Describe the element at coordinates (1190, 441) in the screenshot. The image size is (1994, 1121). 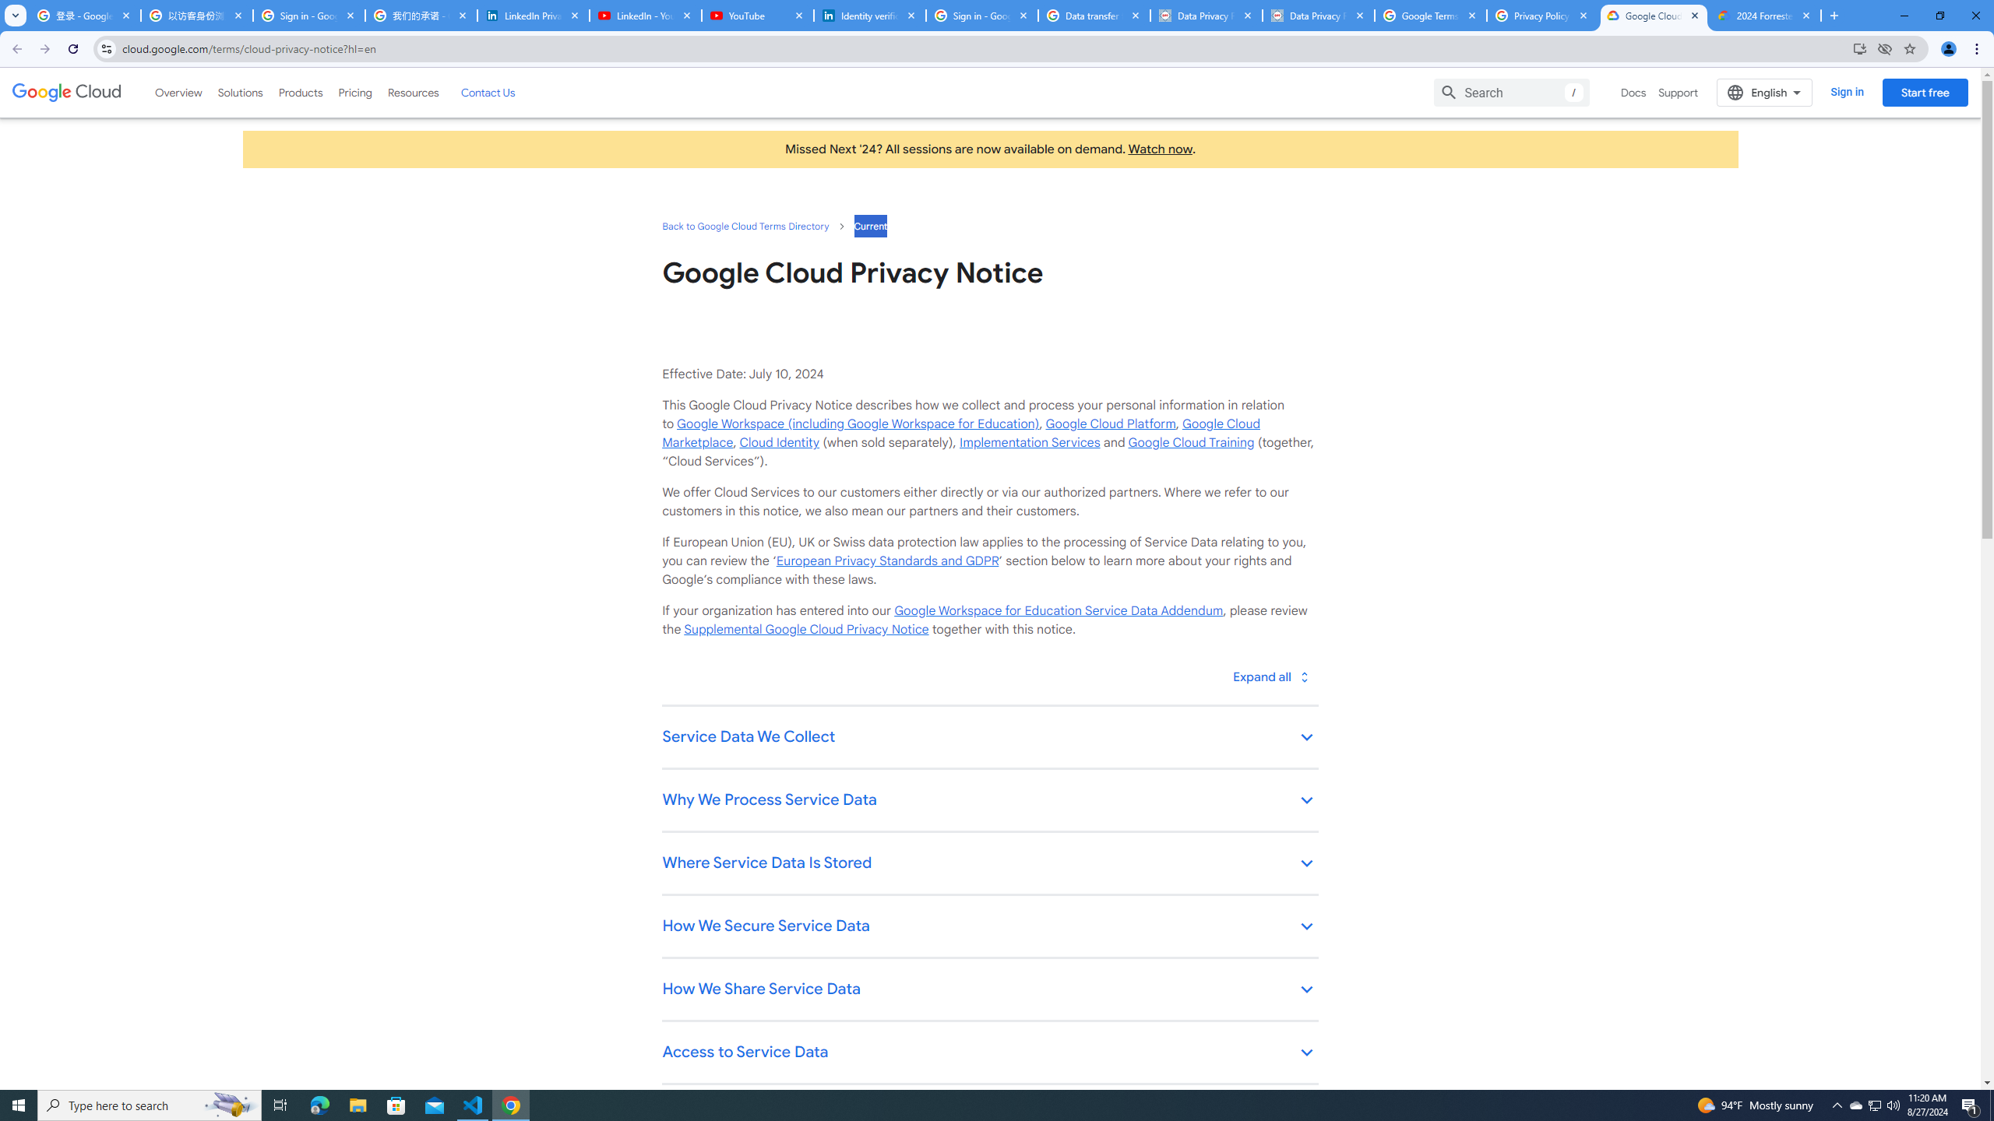
I see `'Google Cloud Training'` at that location.